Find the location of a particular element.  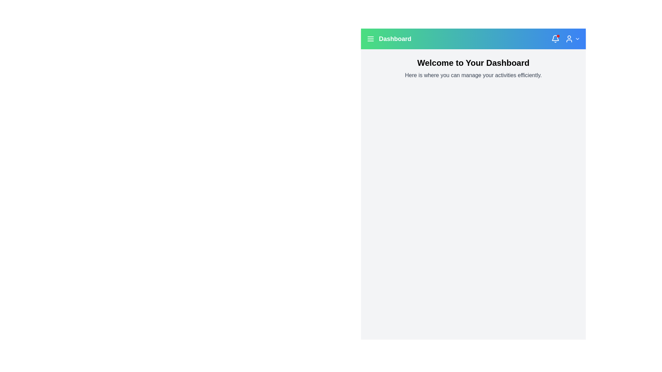

the bell-shaped icon with a notification indicator at the top-right corner of the application header is located at coordinates (555, 39).